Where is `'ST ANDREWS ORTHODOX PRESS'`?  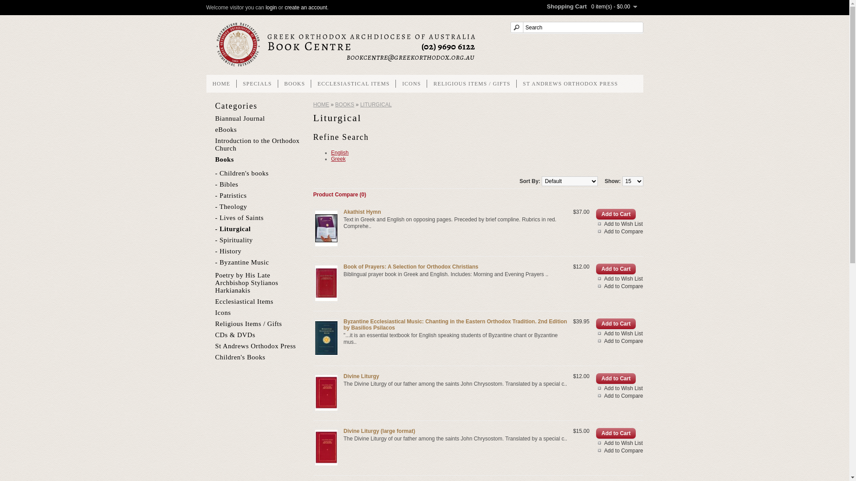
'ST ANDREWS ORTHODOX PRESS' is located at coordinates (570, 84).